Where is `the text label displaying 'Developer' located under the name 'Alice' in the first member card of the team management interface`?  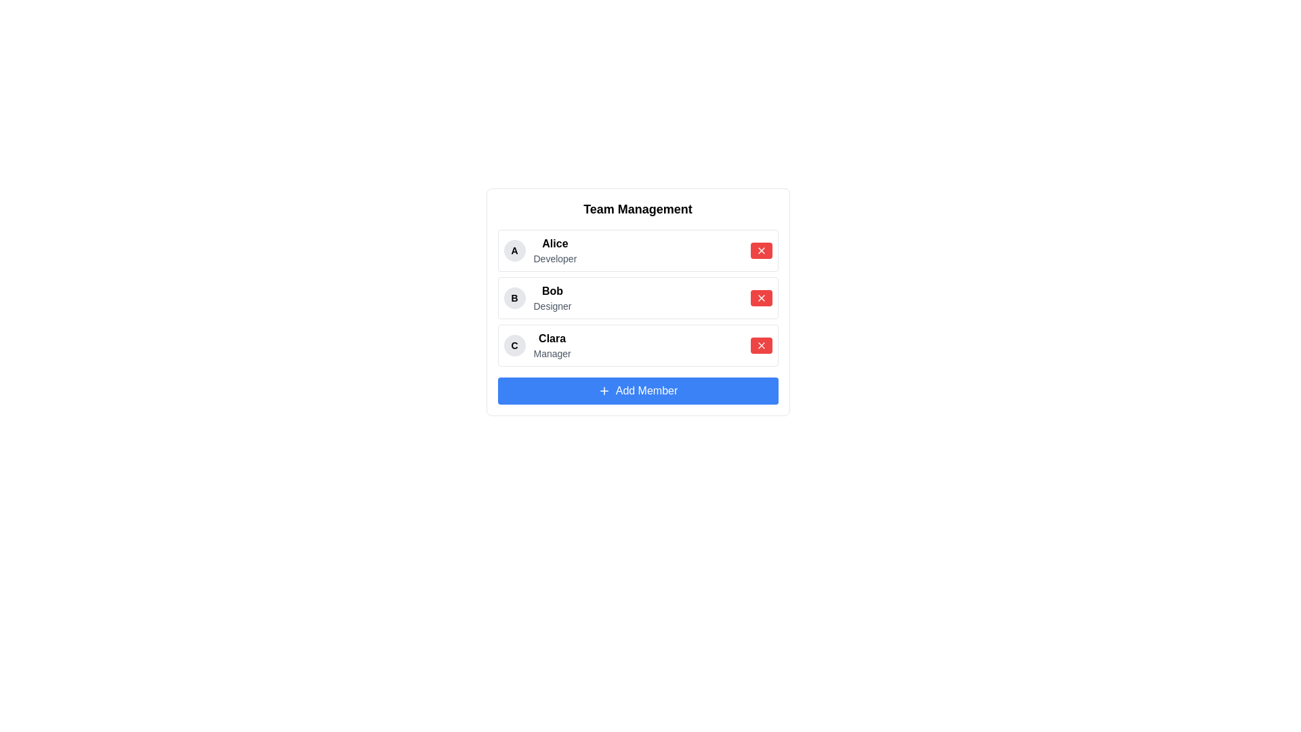 the text label displaying 'Developer' located under the name 'Alice' in the first member card of the team management interface is located at coordinates (555, 258).